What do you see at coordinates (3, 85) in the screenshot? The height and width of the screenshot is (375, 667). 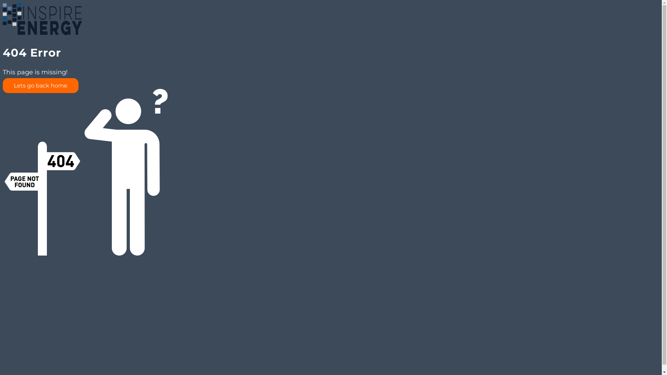 I see `'Lets go back home'` at bounding box center [3, 85].